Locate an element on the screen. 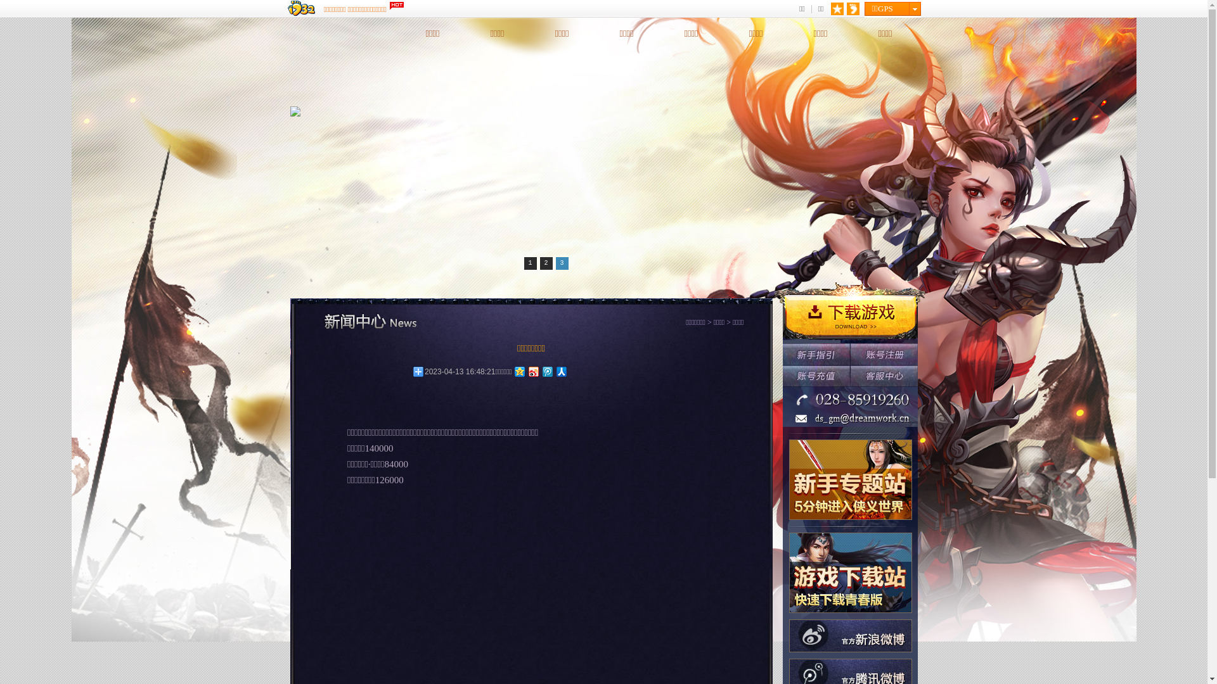 Image resolution: width=1217 pixels, height=684 pixels. '1' is located at coordinates (529, 263).